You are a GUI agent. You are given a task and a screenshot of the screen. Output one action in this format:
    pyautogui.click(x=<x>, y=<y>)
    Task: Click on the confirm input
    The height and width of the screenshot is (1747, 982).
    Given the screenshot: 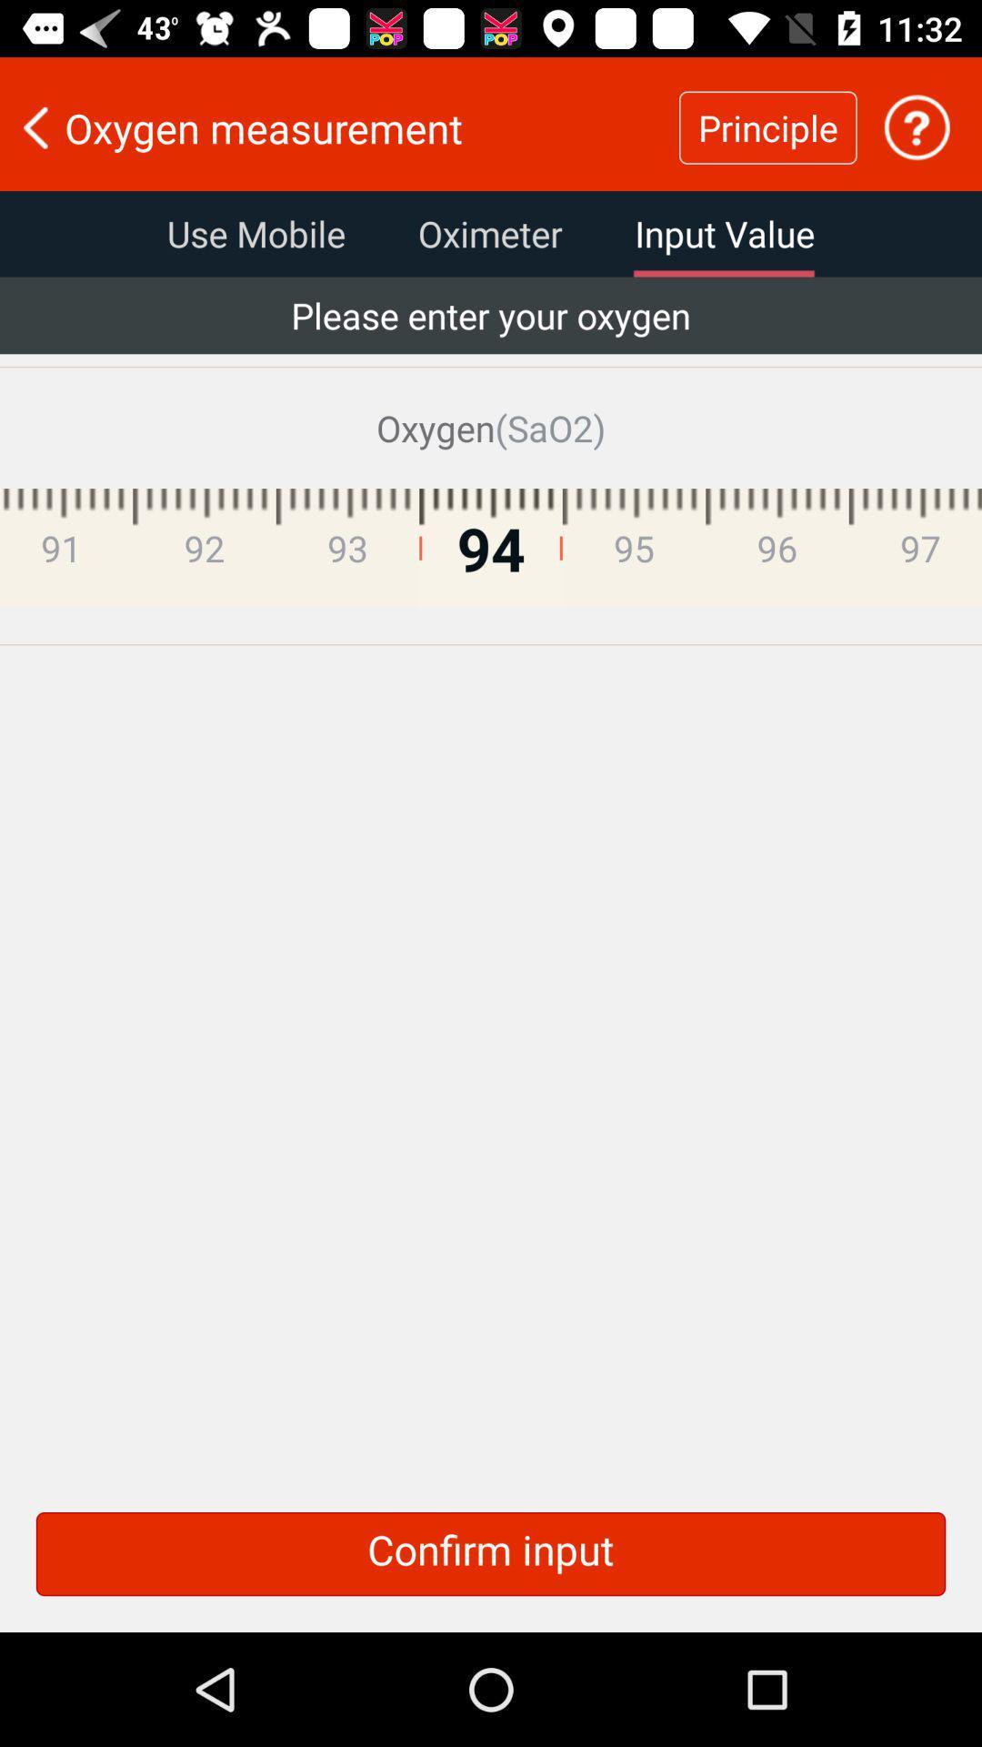 What is the action you would take?
    pyautogui.click(x=491, y=1553)
    